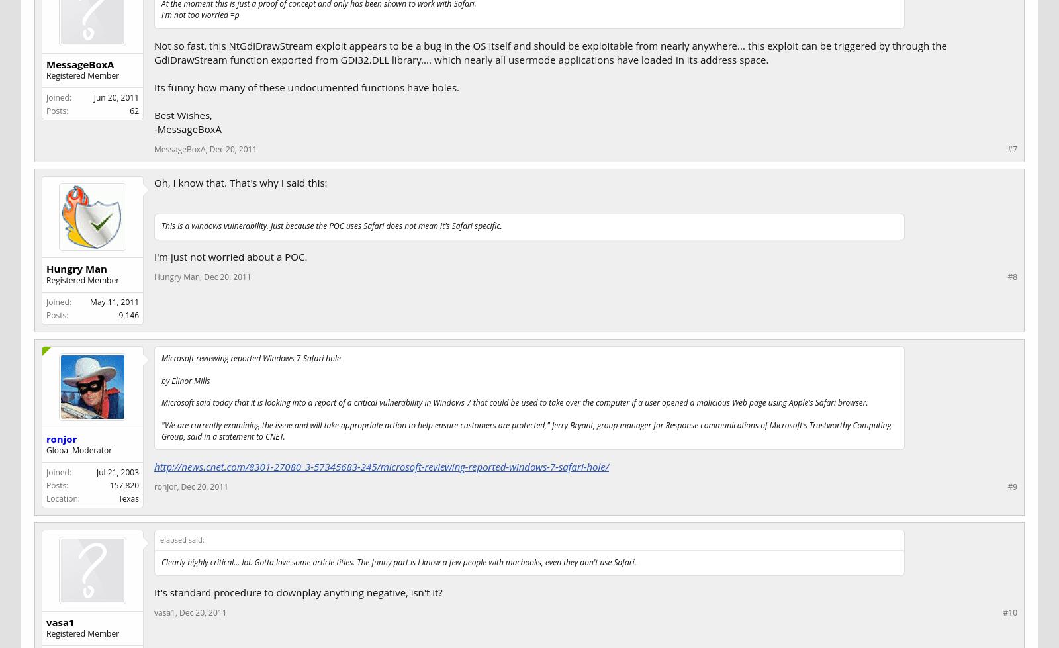  I want to click on '#8', so click(1012, 276).